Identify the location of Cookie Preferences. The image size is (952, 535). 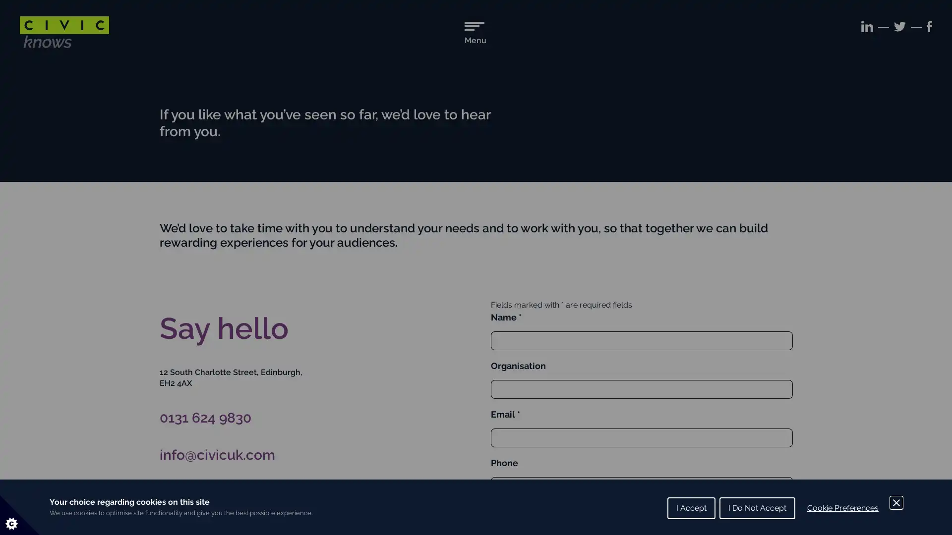
(842, 508).